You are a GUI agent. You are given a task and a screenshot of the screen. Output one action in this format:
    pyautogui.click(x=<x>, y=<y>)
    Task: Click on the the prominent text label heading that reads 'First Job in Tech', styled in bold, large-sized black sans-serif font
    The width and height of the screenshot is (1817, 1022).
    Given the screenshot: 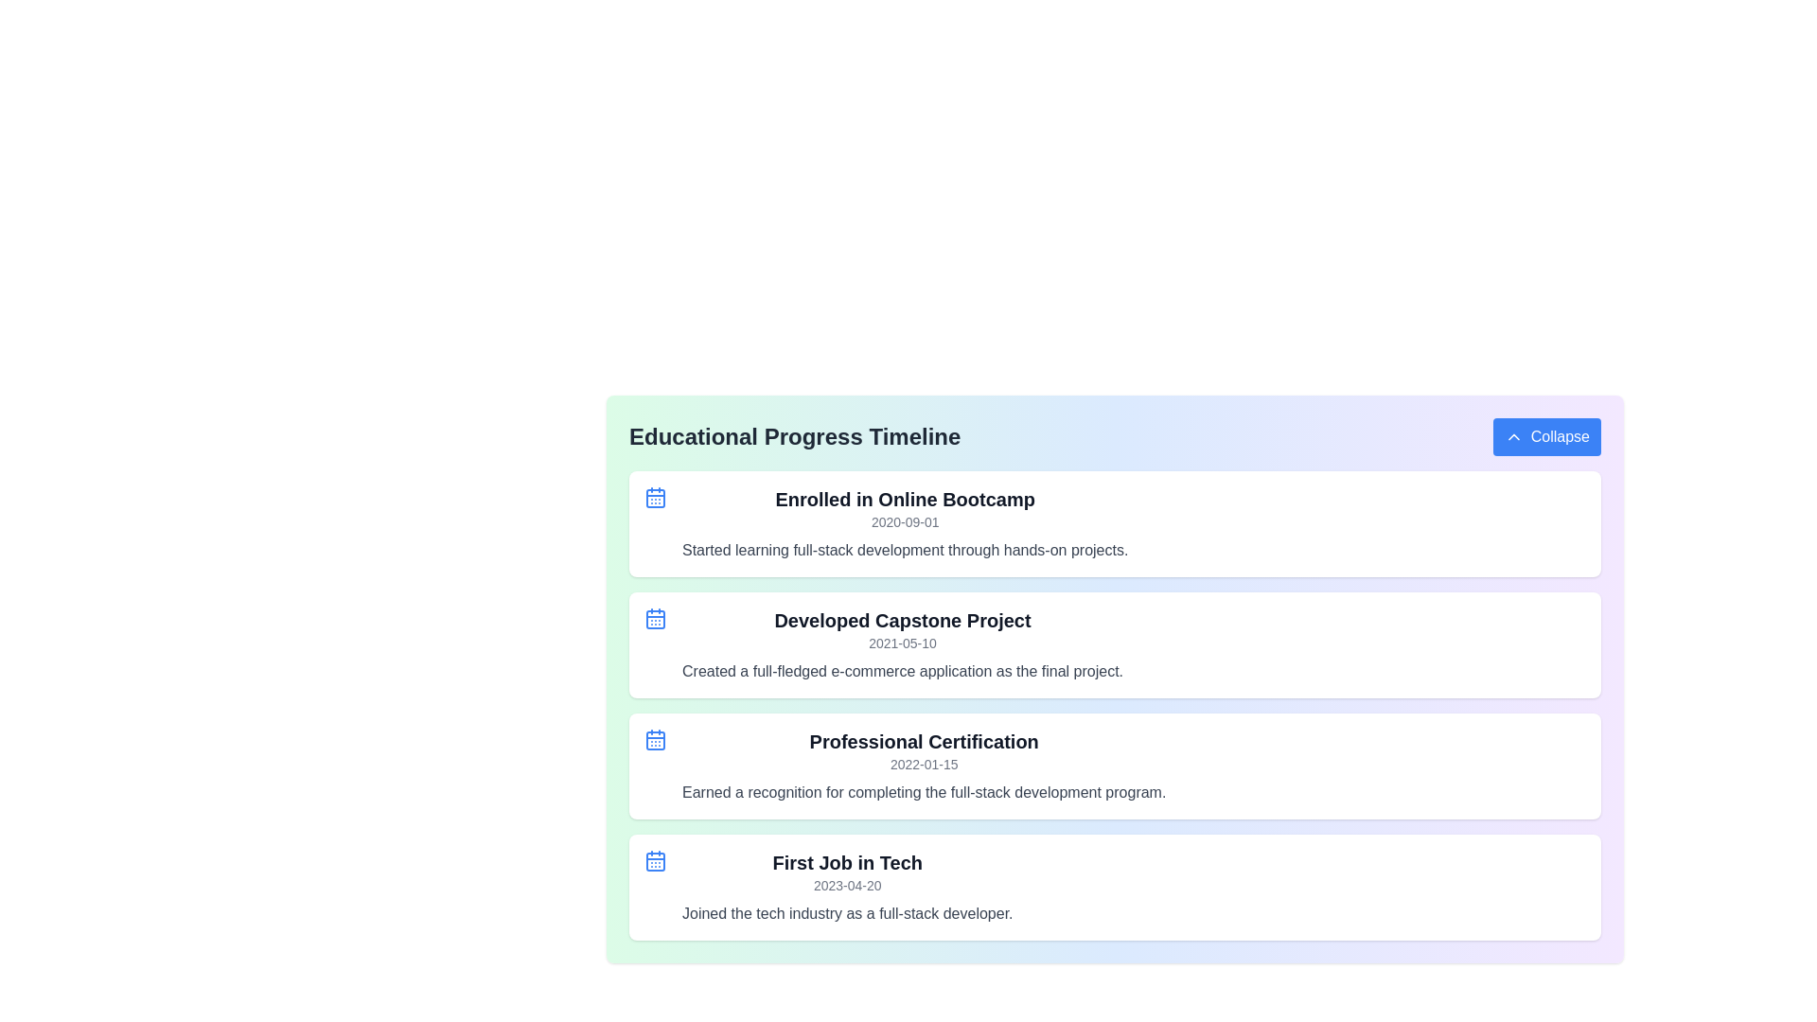 What is the action you would take?
    pyautogui.click(x=846, y=862)
    